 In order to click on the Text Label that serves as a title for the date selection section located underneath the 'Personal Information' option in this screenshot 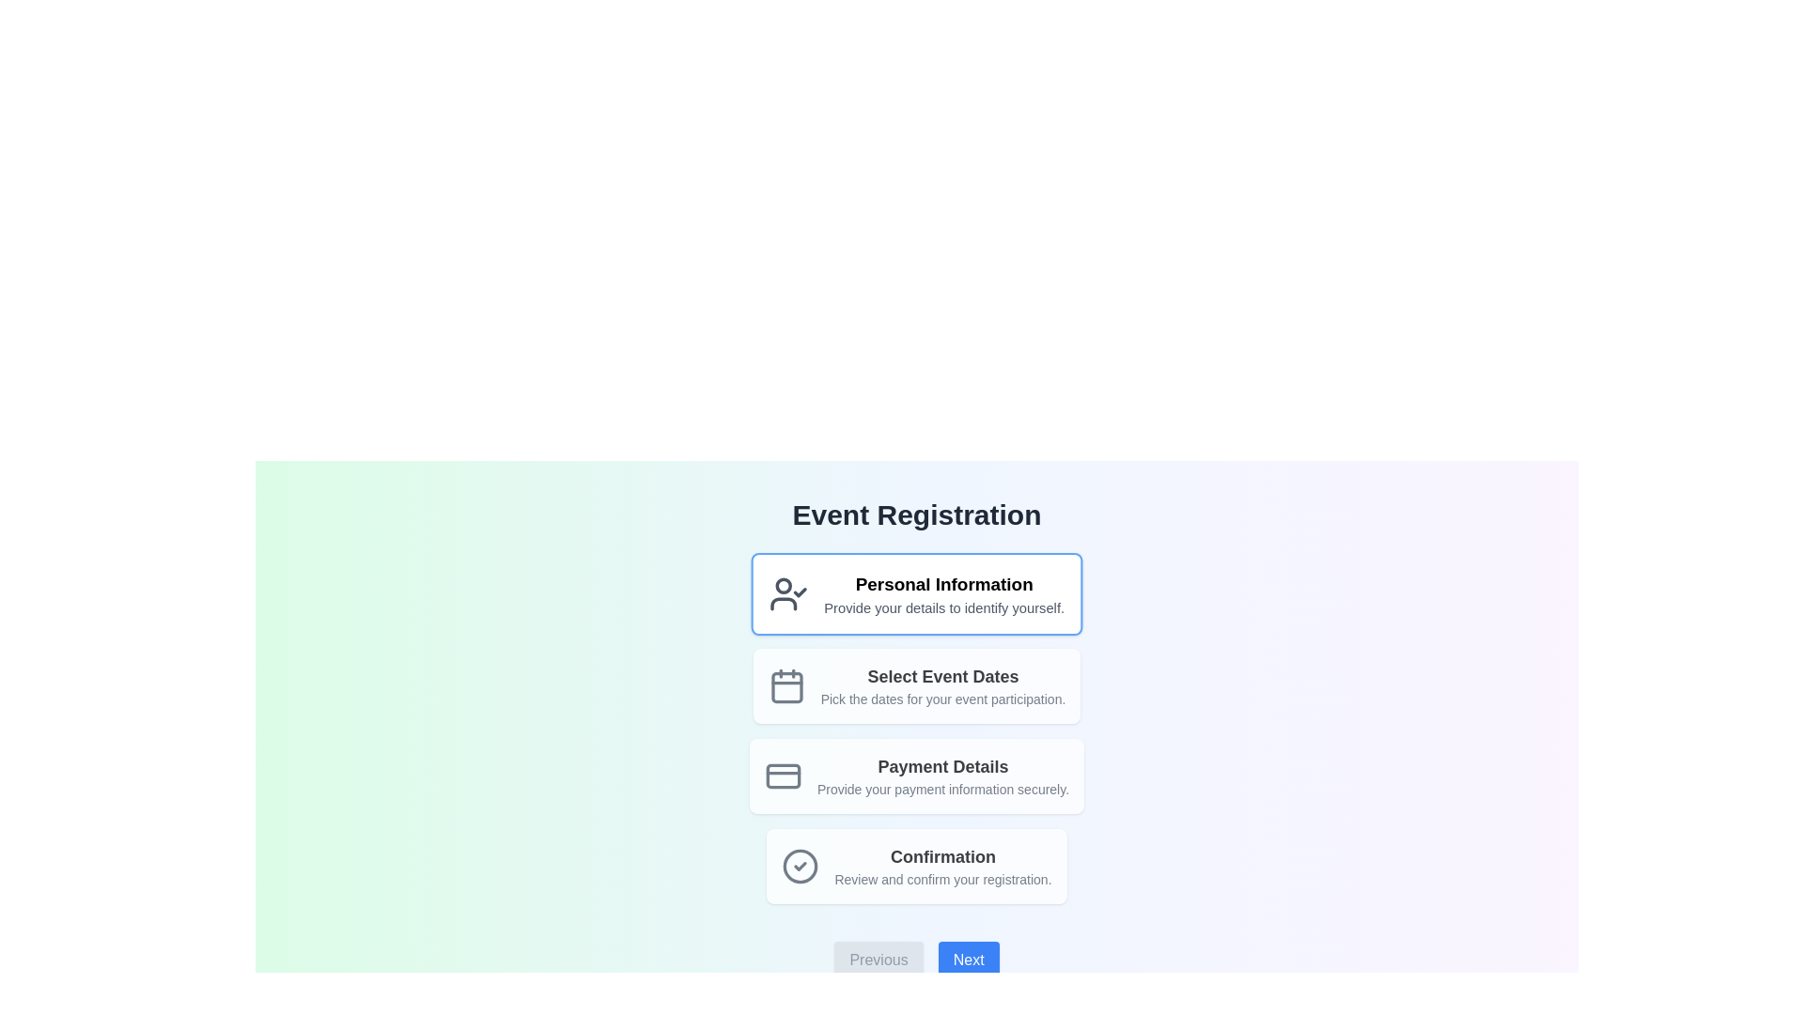, I will do `click(942, 677)`.